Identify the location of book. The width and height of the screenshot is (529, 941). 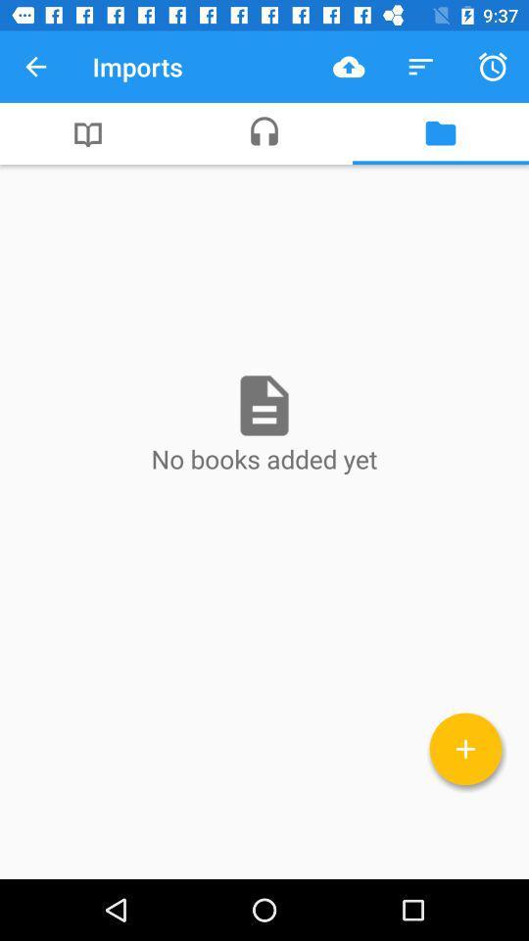
(464, 748).